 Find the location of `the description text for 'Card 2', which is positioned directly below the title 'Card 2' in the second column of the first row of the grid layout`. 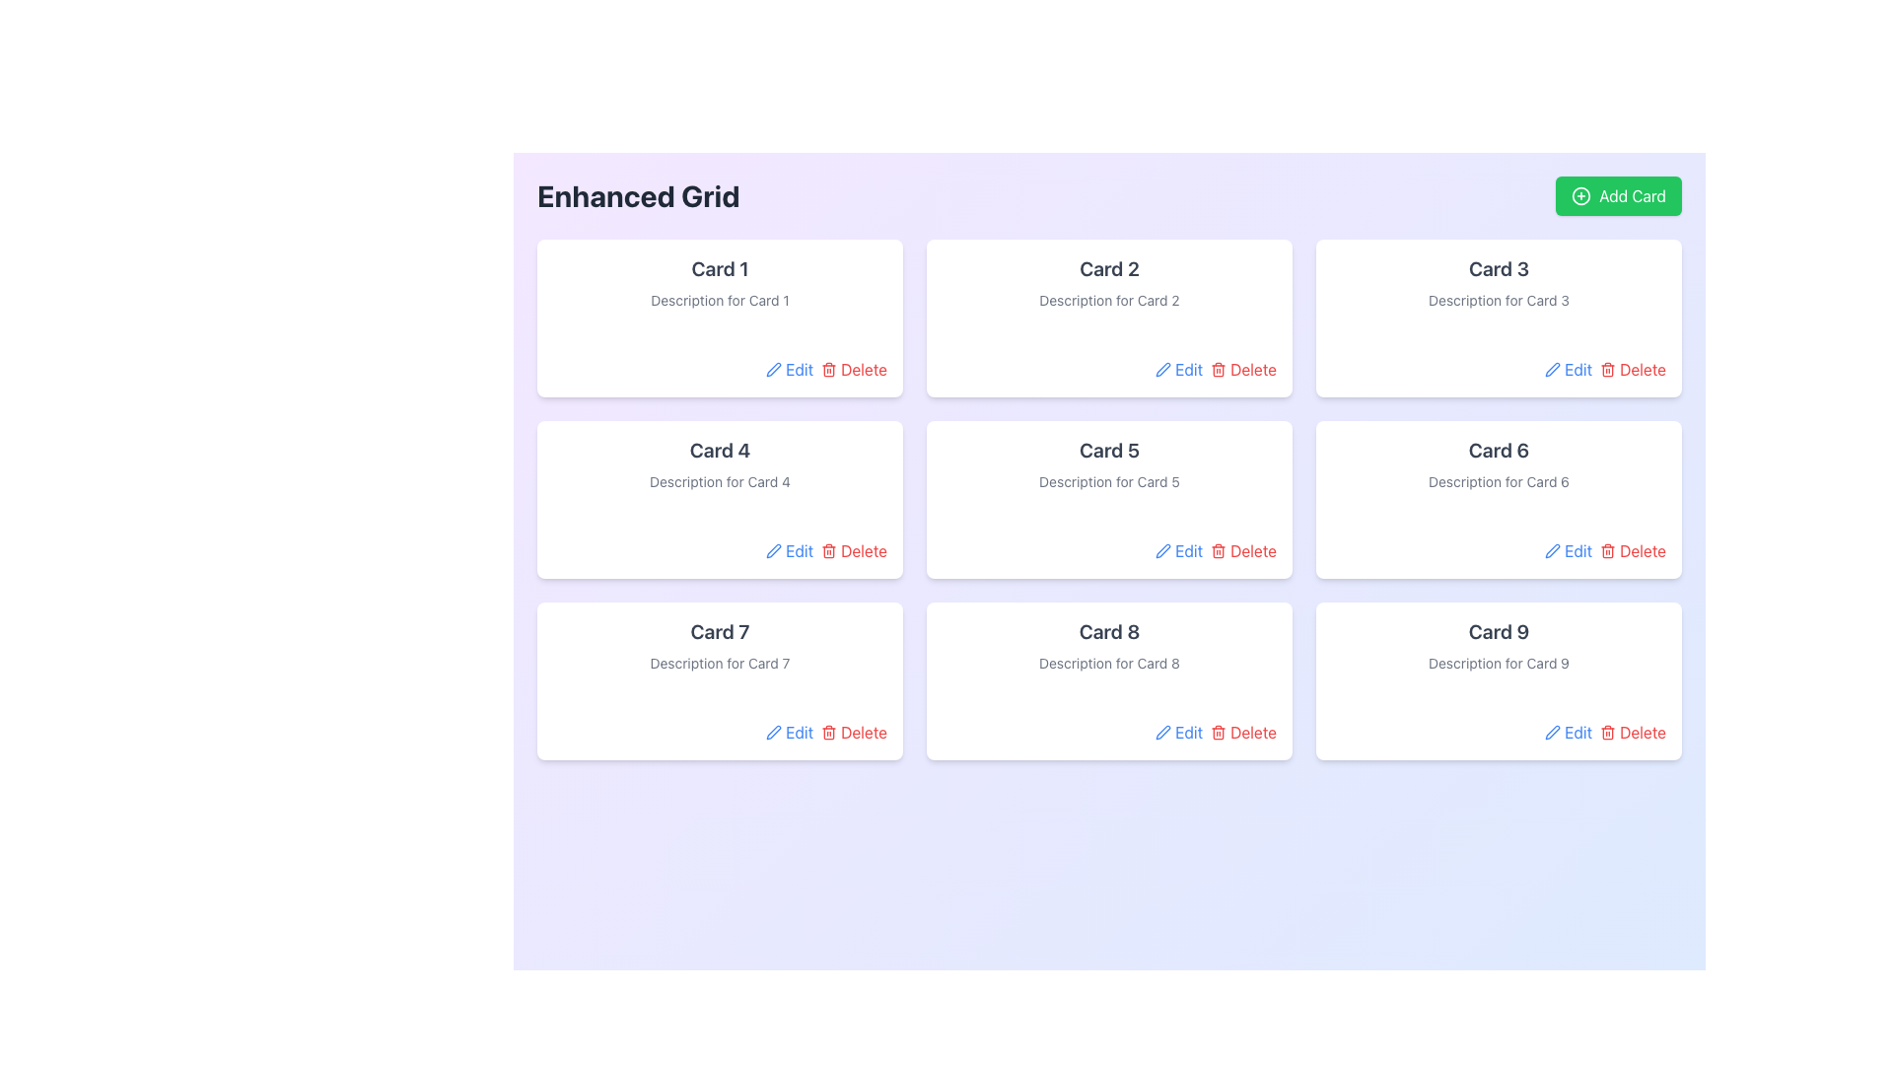

the description text for 'Card 2', which is positioned directly below the title 'Card 2' in the second column of the first row of the grid layout is located at coordinates (1109, 300).